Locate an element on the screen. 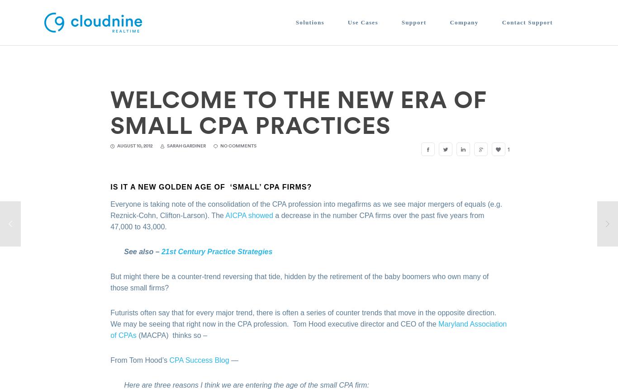 This screenshot has width=618, height=389. '(MACPA)  thinks so –' is located at coordinates (171, 334).